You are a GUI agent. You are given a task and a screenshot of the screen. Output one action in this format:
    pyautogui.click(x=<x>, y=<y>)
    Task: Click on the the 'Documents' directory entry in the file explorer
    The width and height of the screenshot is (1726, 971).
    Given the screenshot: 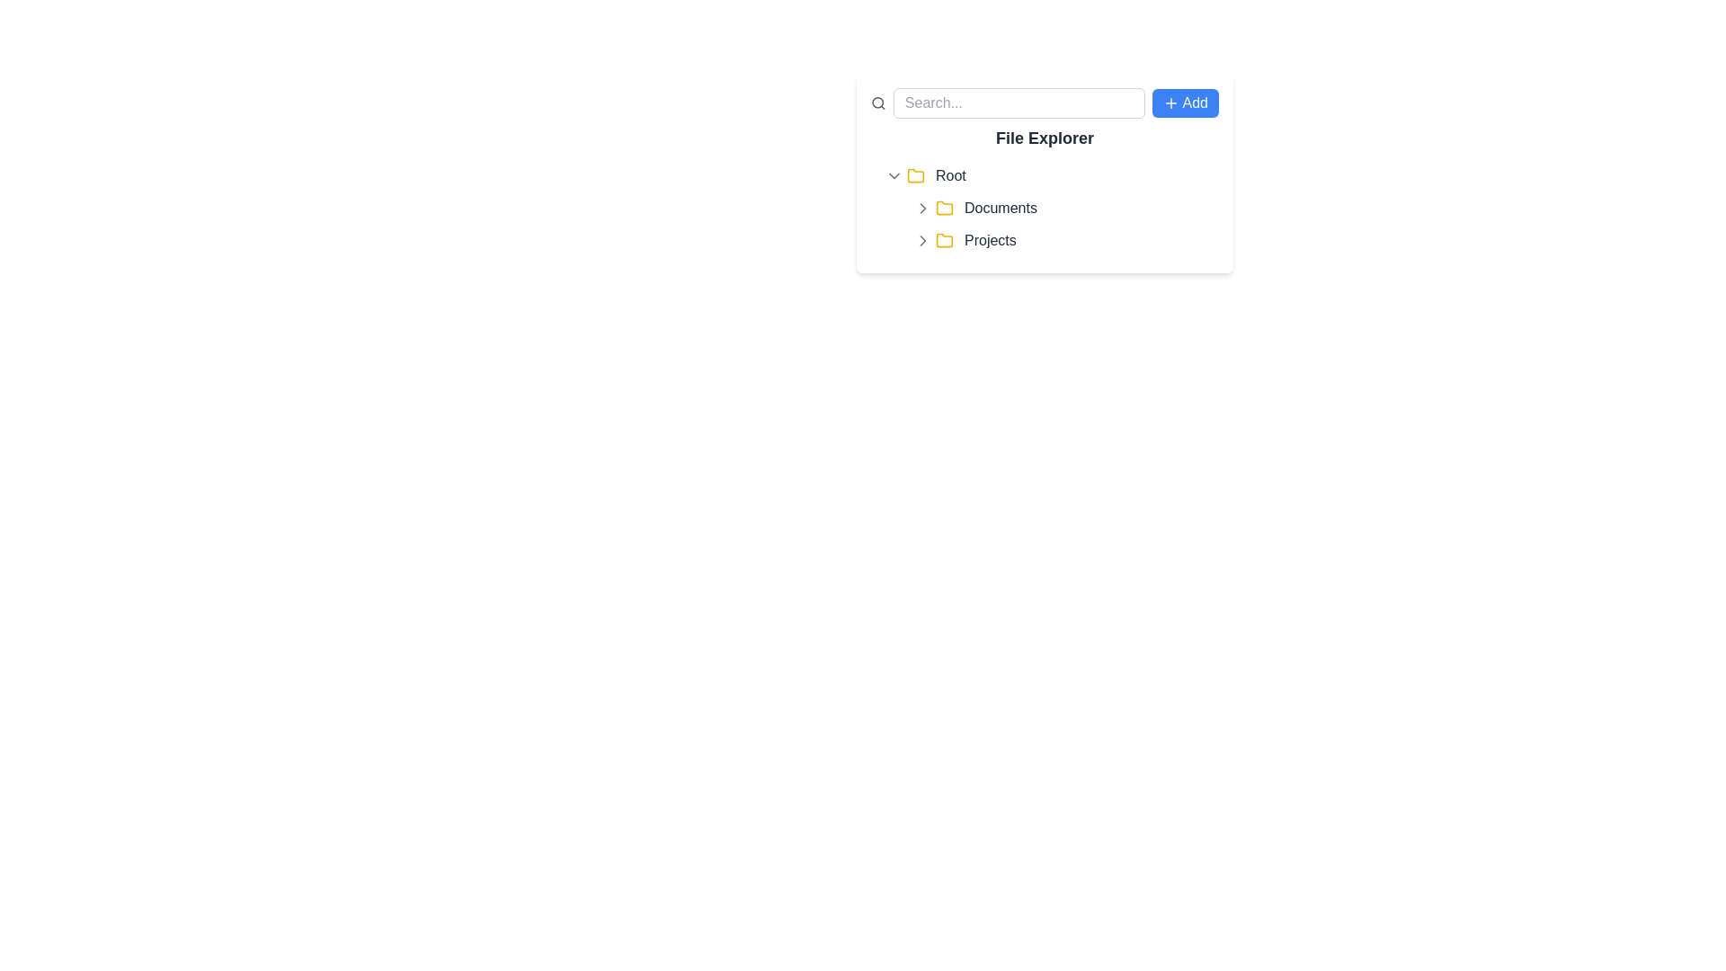 What is the action you would take?
    pyautogui.click(x=1050, y=207)
    